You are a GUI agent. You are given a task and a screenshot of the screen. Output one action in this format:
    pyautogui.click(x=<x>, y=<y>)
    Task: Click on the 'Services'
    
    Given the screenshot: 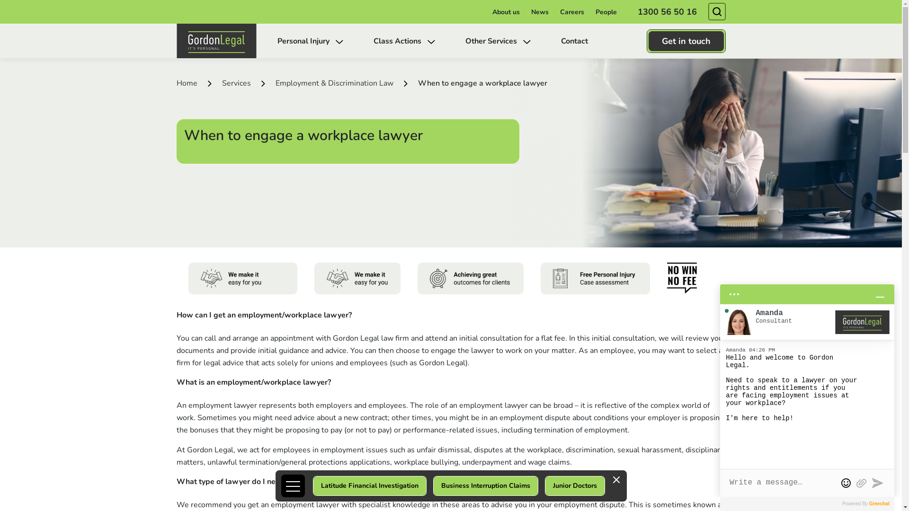 What is the action you would take?
    pyautogui.click(x=236, y=83)
    